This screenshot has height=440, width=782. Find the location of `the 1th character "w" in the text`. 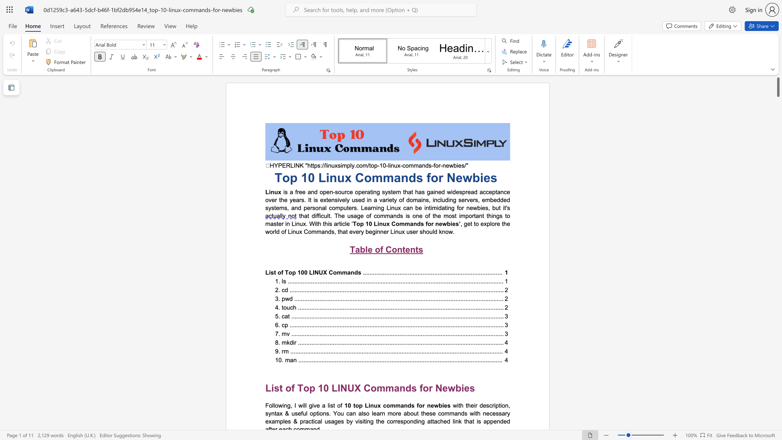

the 1th character "w" in the text is located at coordinates (444, 224).